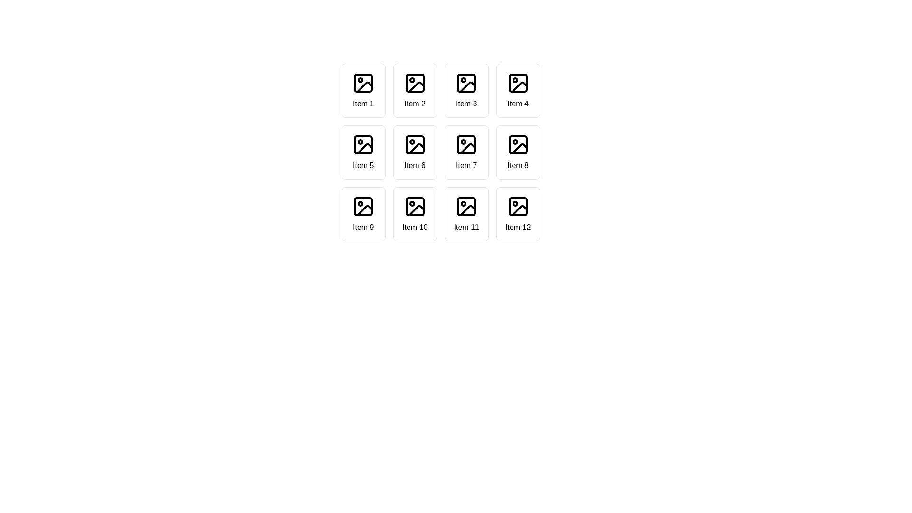 The width and height of the screenshot is (912, 513). Describe the element at coordinates (517, 82) in the screenshot. I see `the static image icon located at the top center of the bordered and rounded rectangular box labeled 'Item 4' in the first row of the grid layout` at that location.